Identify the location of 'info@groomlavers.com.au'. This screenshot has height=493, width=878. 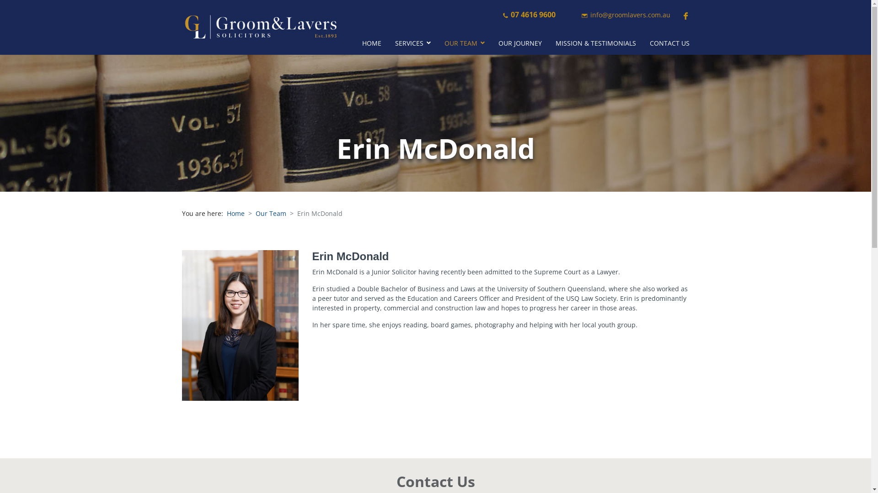
(629, 15).